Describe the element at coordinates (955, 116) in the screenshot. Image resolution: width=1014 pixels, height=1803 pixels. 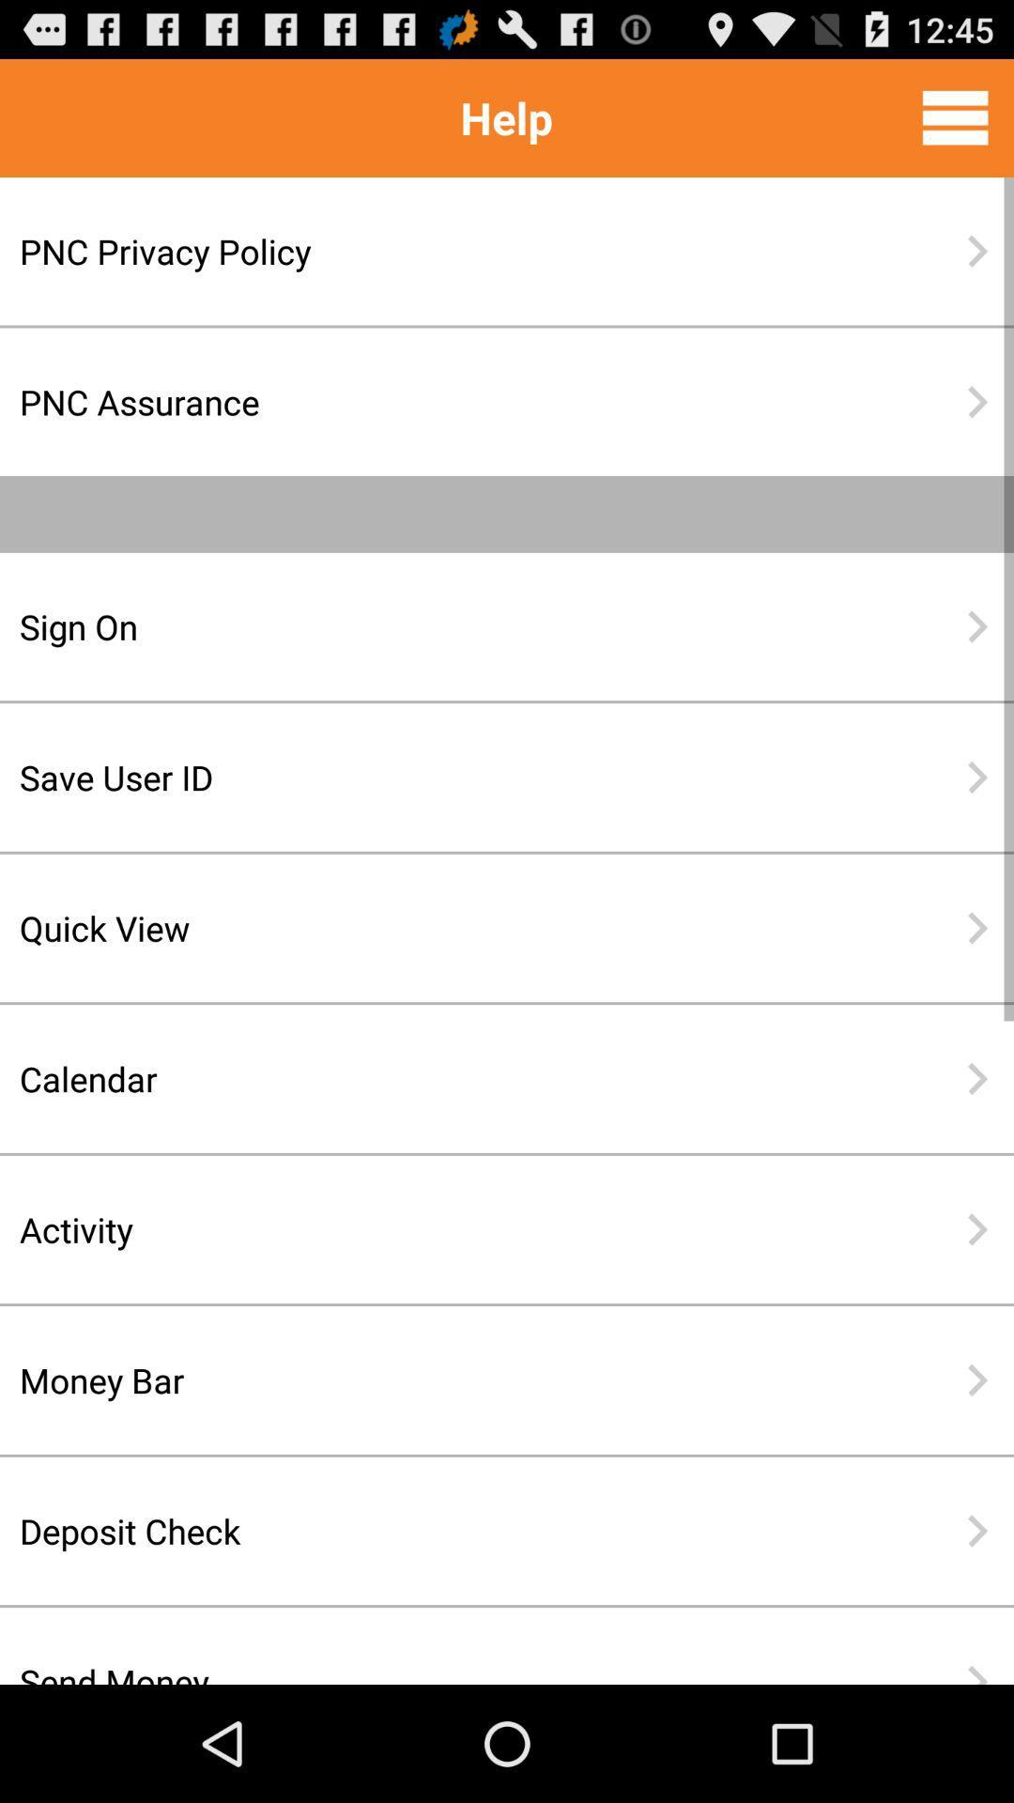
I see `the item to the right of help` at that location.